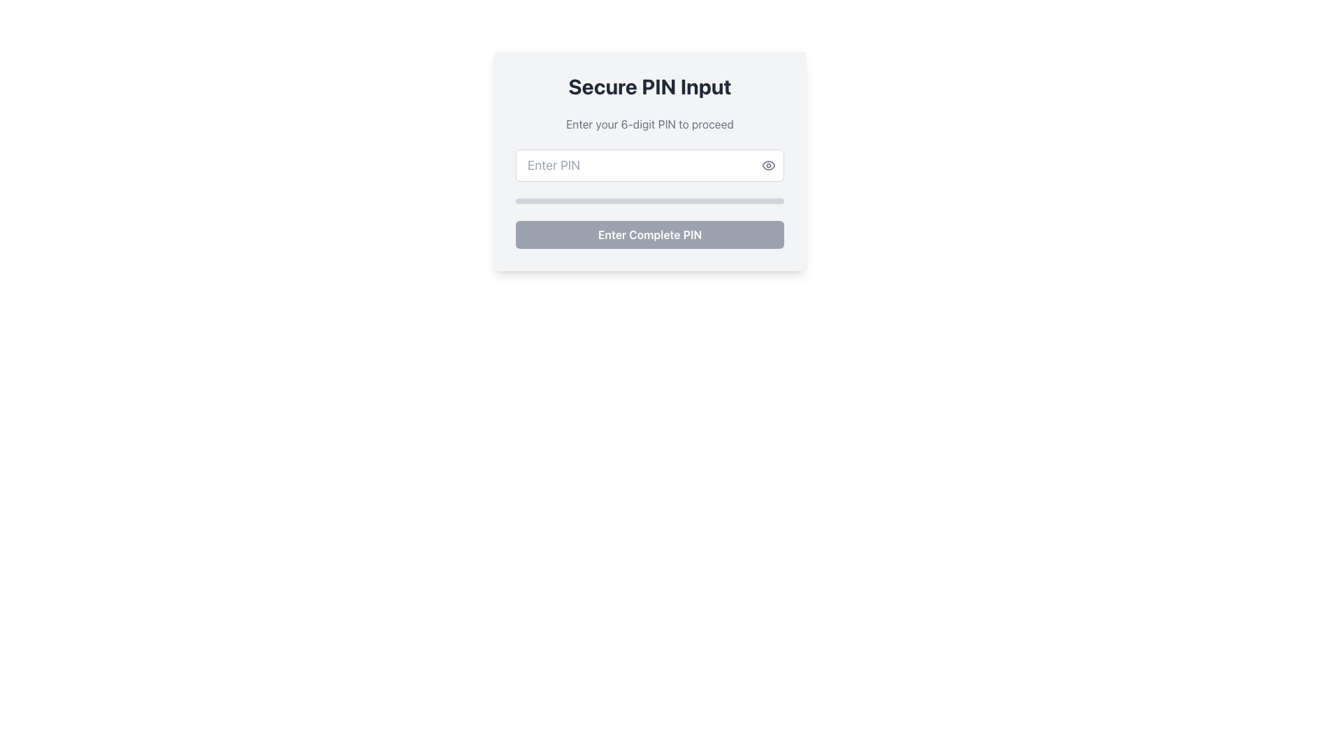  I want to click on the submit button located at the bottom of the 'Secure PIN Input' card, which is currently disabled, so click(649, 233).